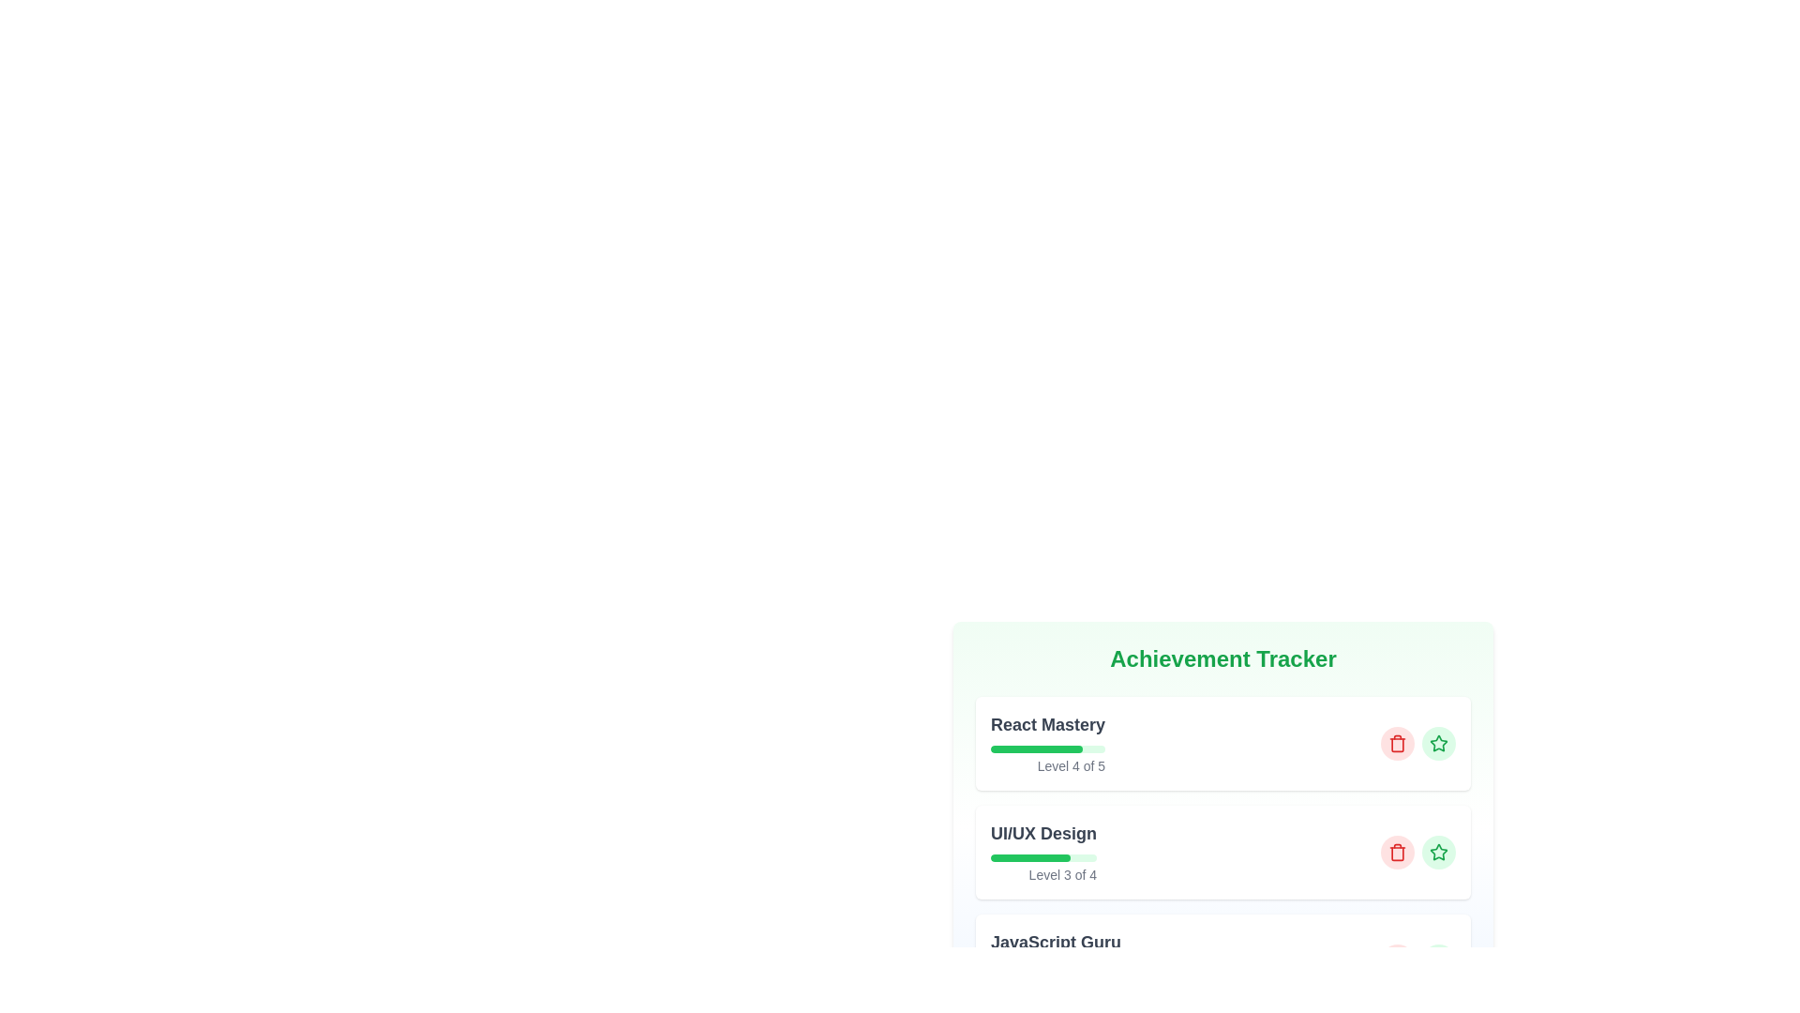  Describe the element at coordinates (1223, 853) in the screenshot. I see `the second skill progress item 'UI/UX Design' in the Skill progress tracker row, which contains a progress bar and actionable buttons, located in the Achievement Tracker section` at that location.